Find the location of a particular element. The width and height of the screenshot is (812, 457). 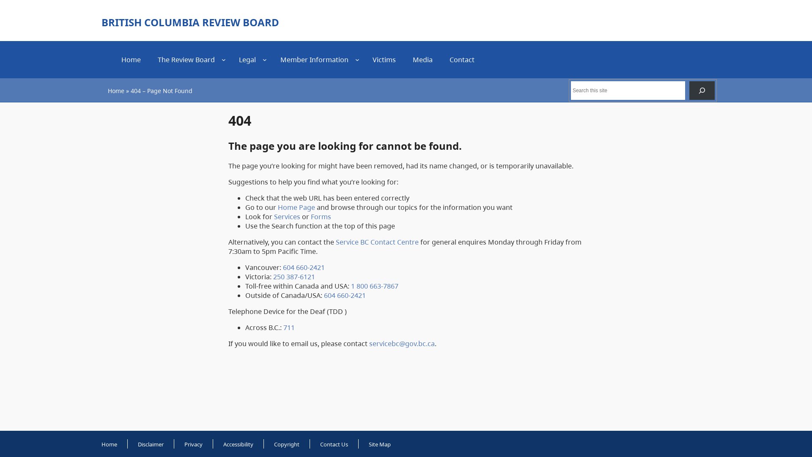

'Disclaimer' is located at coordinates (151, 443).